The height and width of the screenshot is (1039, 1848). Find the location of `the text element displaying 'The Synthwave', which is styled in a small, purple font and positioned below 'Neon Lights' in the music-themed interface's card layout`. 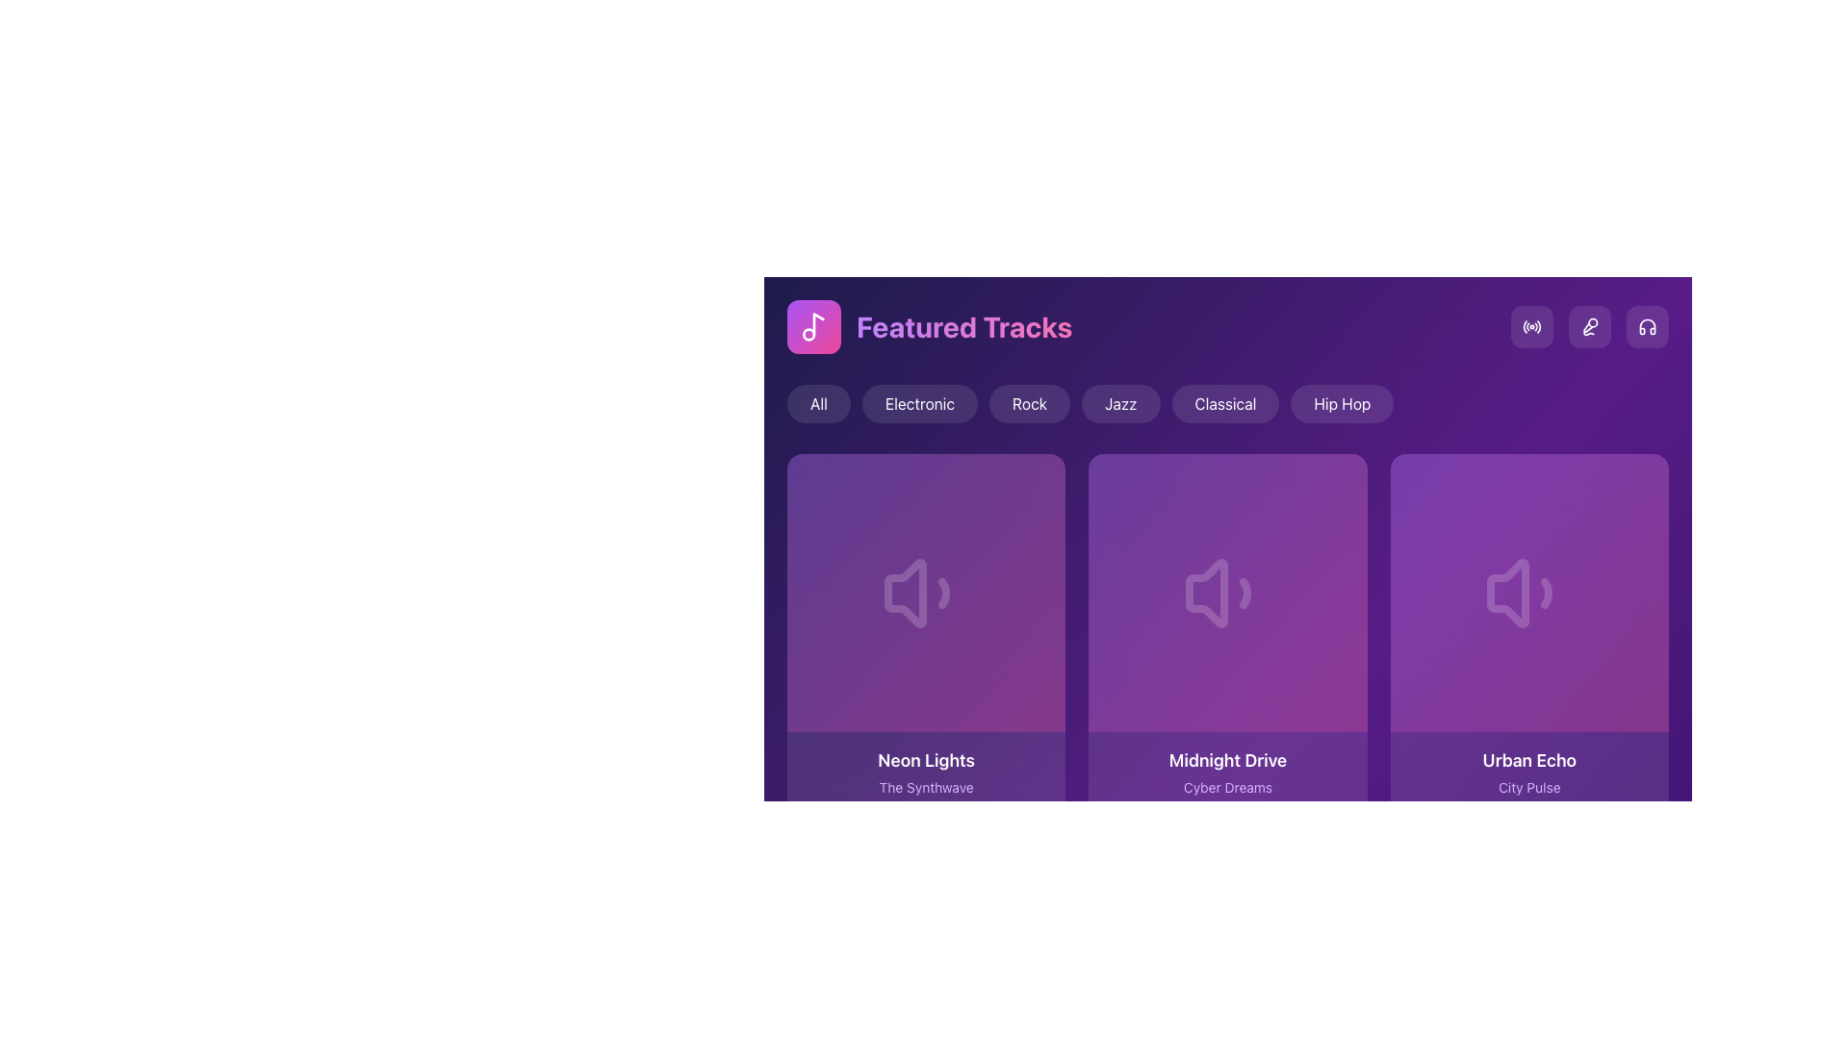

the text element displaying 'The Synthwave', which is styled in a small, purple font and positioned below 'Neon Lights' in the music-themed interface's card layout is located at coordinates (926, 788).